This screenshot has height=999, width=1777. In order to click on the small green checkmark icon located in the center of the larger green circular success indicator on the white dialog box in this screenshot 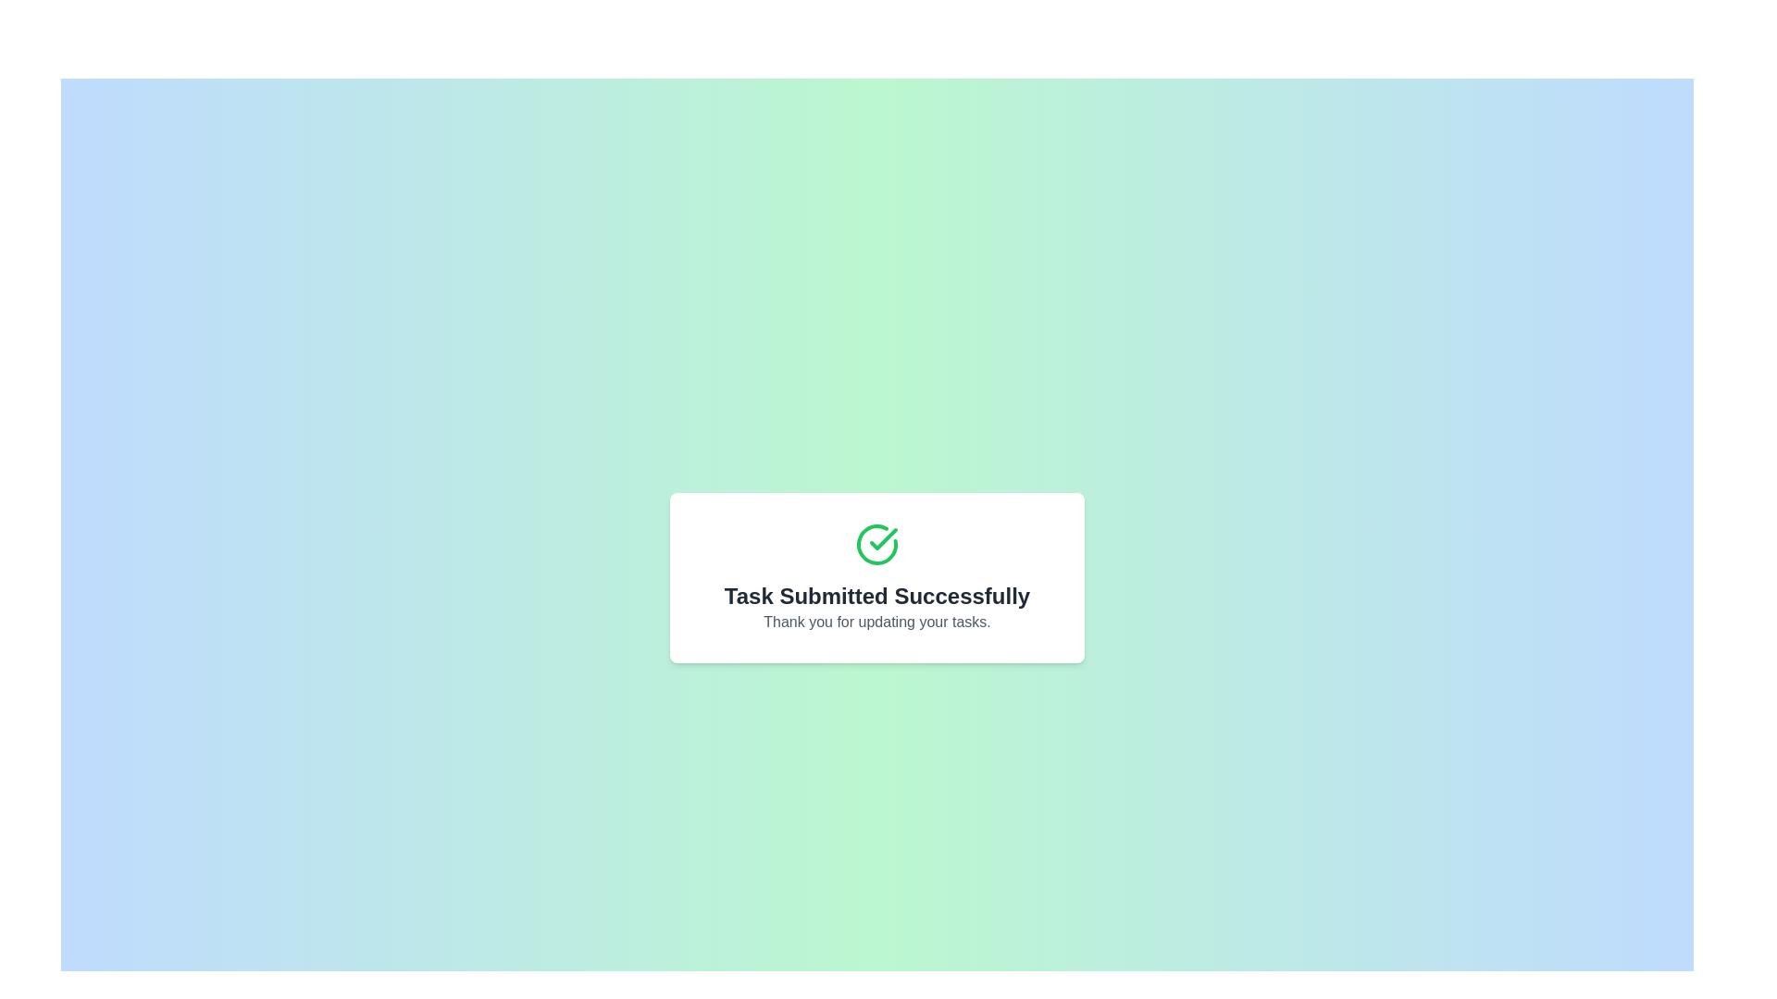, I will do `click(883, 538)`.